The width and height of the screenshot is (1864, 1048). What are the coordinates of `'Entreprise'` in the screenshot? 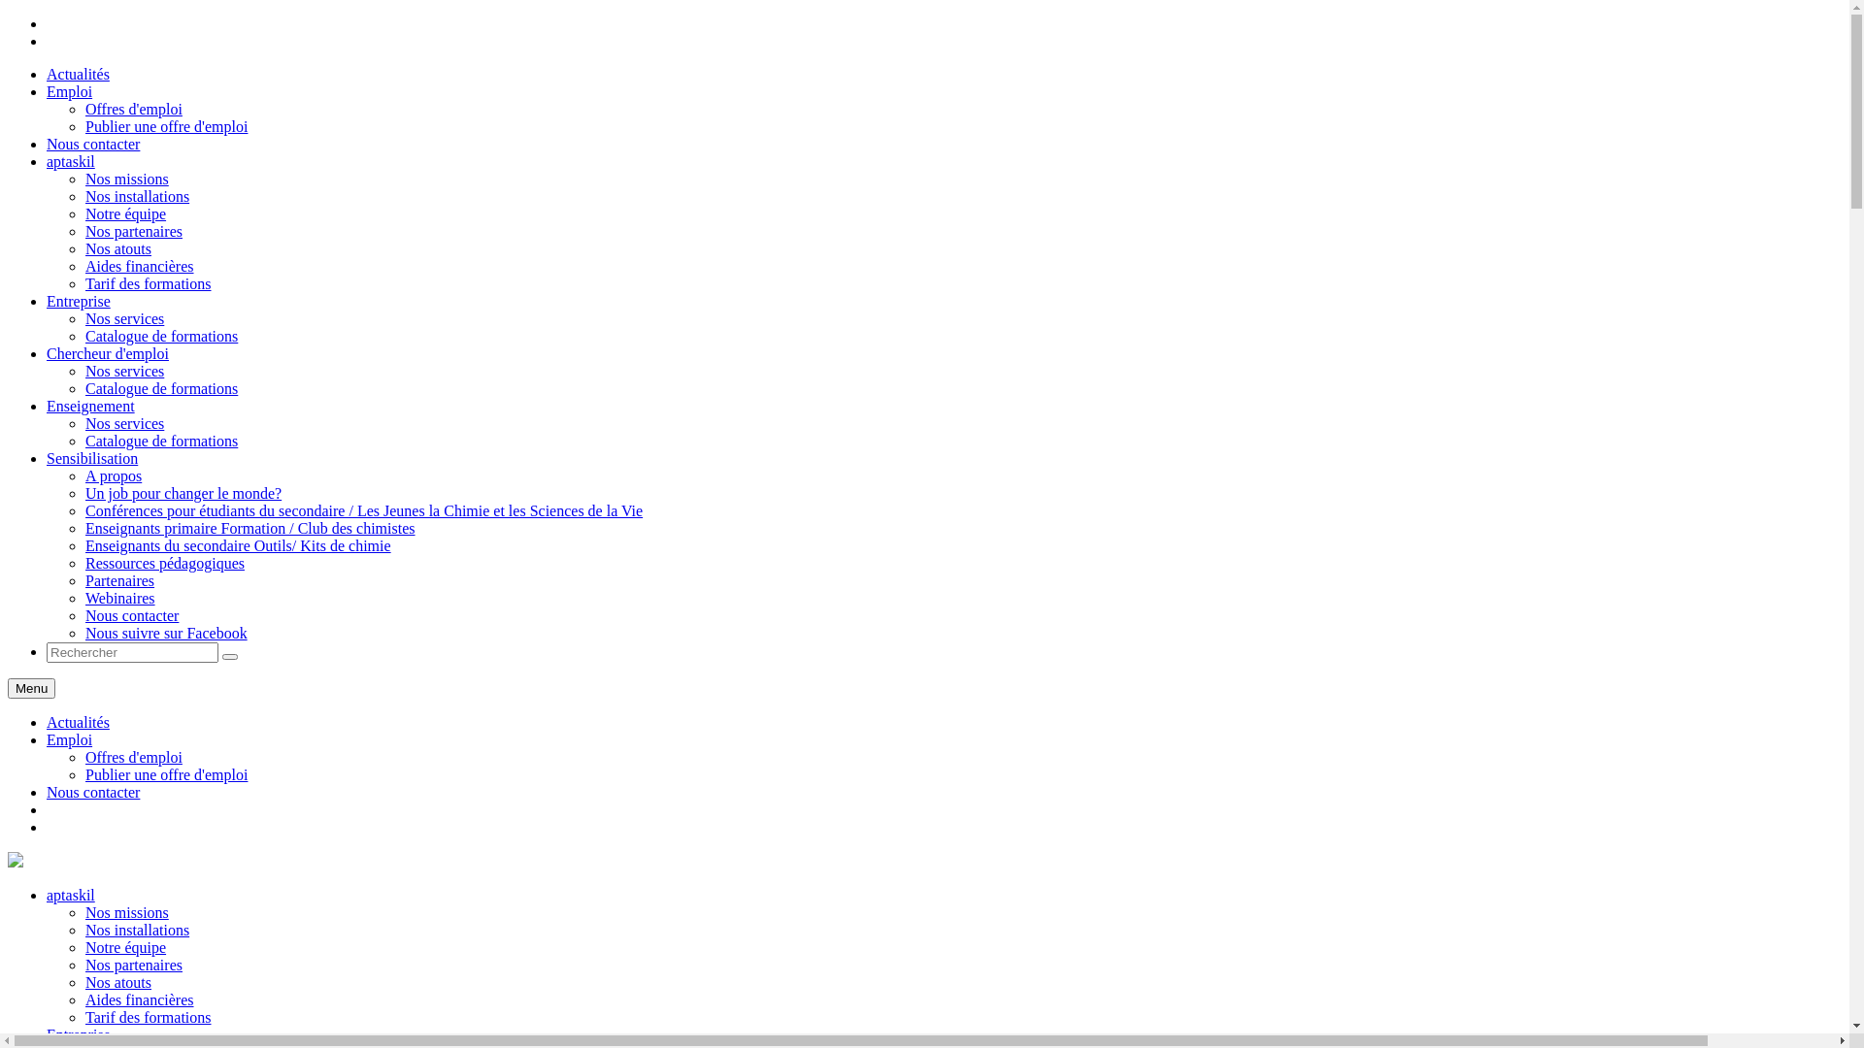 It's located at (47, 1033).